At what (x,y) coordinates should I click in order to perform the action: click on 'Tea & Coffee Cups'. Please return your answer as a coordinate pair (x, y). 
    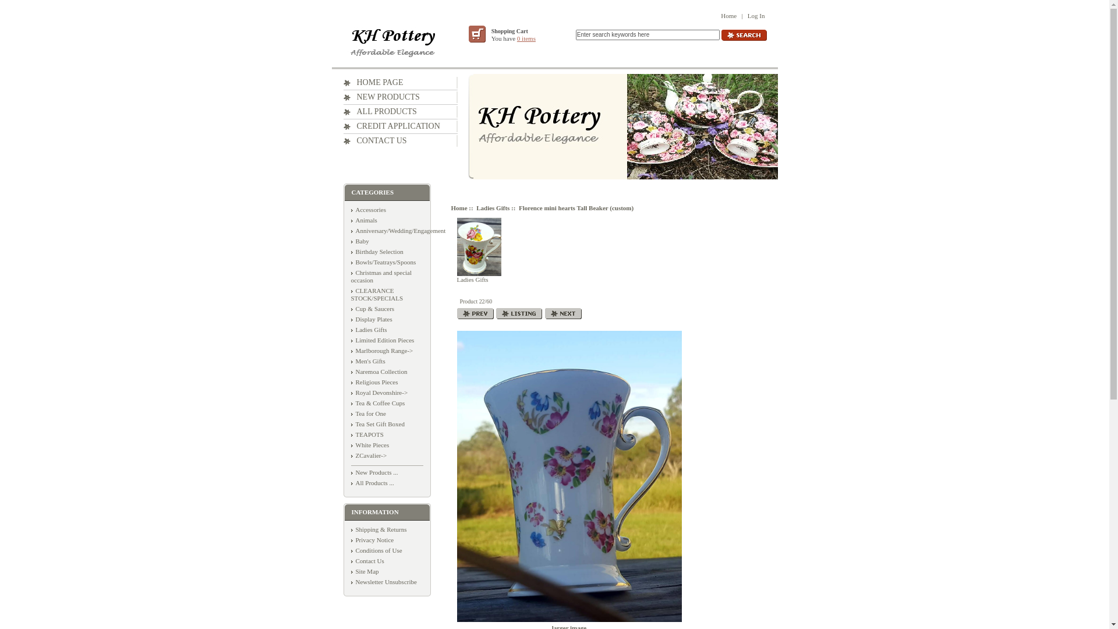
    Looking at the image, I should click on (377, 402).